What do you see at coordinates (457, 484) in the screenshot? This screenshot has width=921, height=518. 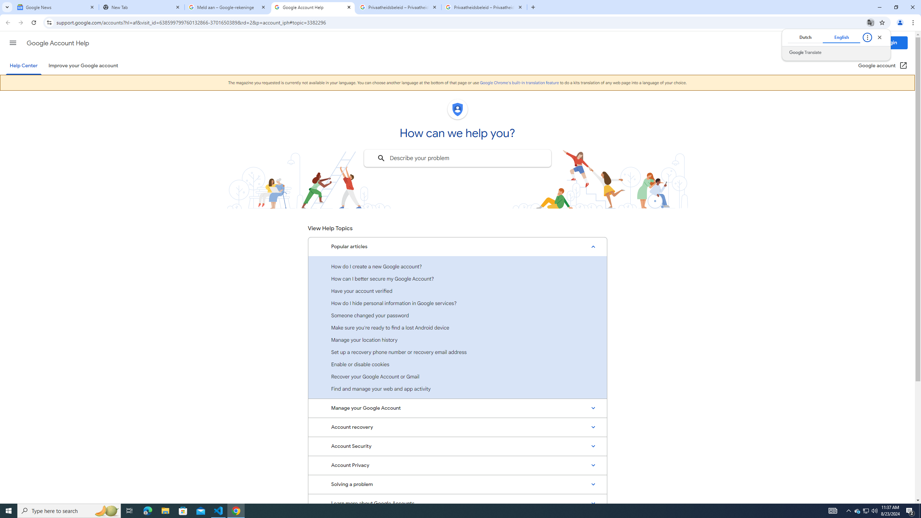 I see `'Solving a problem'` at bounding box center [457, 484].